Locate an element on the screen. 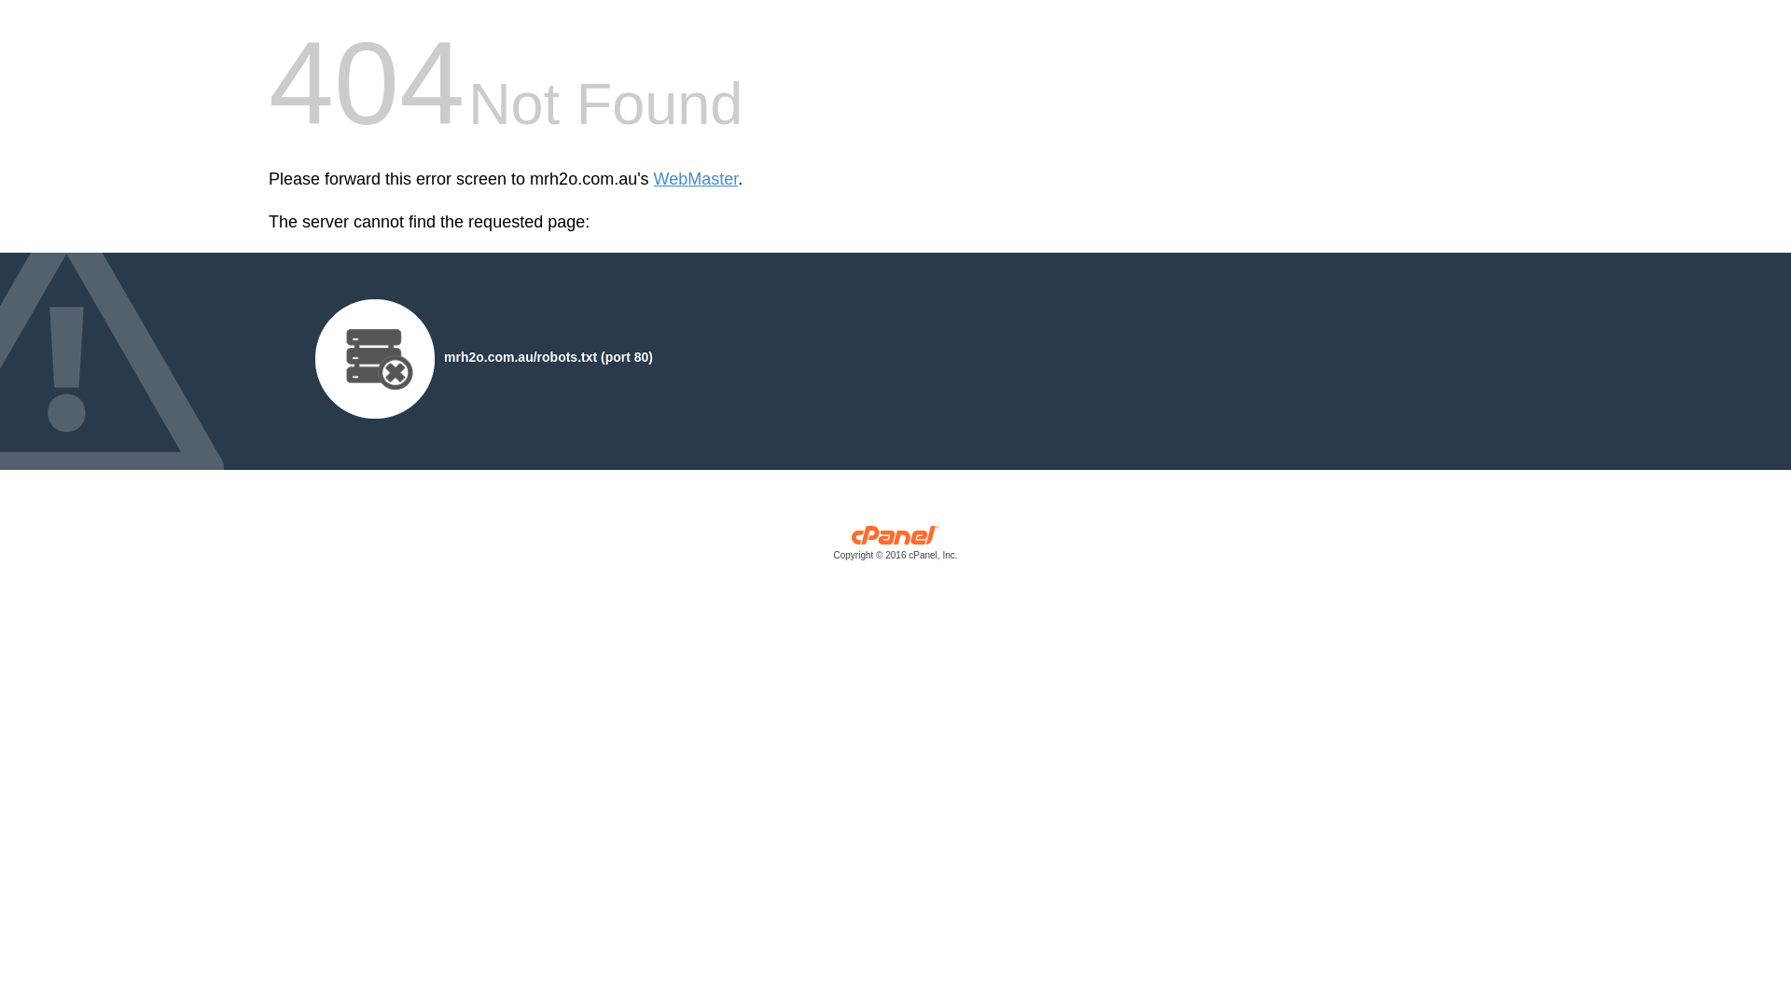 The width and height of the screenshot is (1791, 1007). 'WebMaster' is located at coordinates (695, 179).